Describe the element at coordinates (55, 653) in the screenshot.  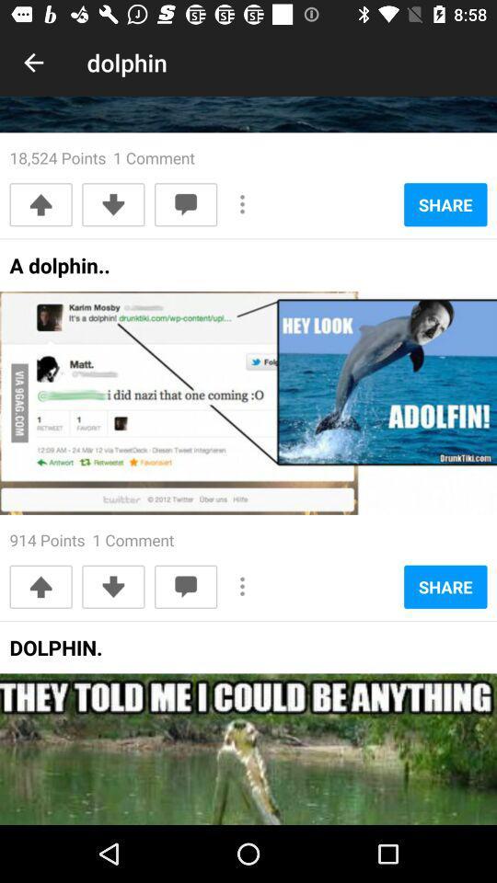
I see `the dolphin.` at that location.